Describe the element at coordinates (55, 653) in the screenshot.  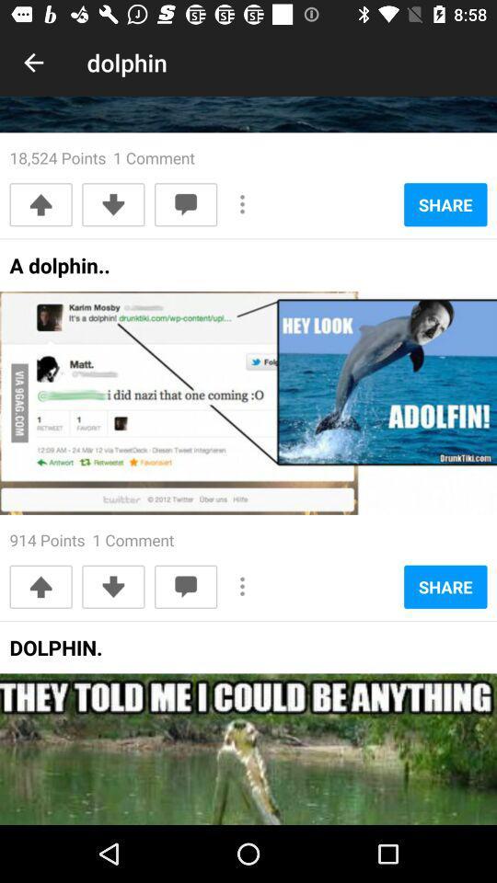
I see `the dolphin.` at that location.